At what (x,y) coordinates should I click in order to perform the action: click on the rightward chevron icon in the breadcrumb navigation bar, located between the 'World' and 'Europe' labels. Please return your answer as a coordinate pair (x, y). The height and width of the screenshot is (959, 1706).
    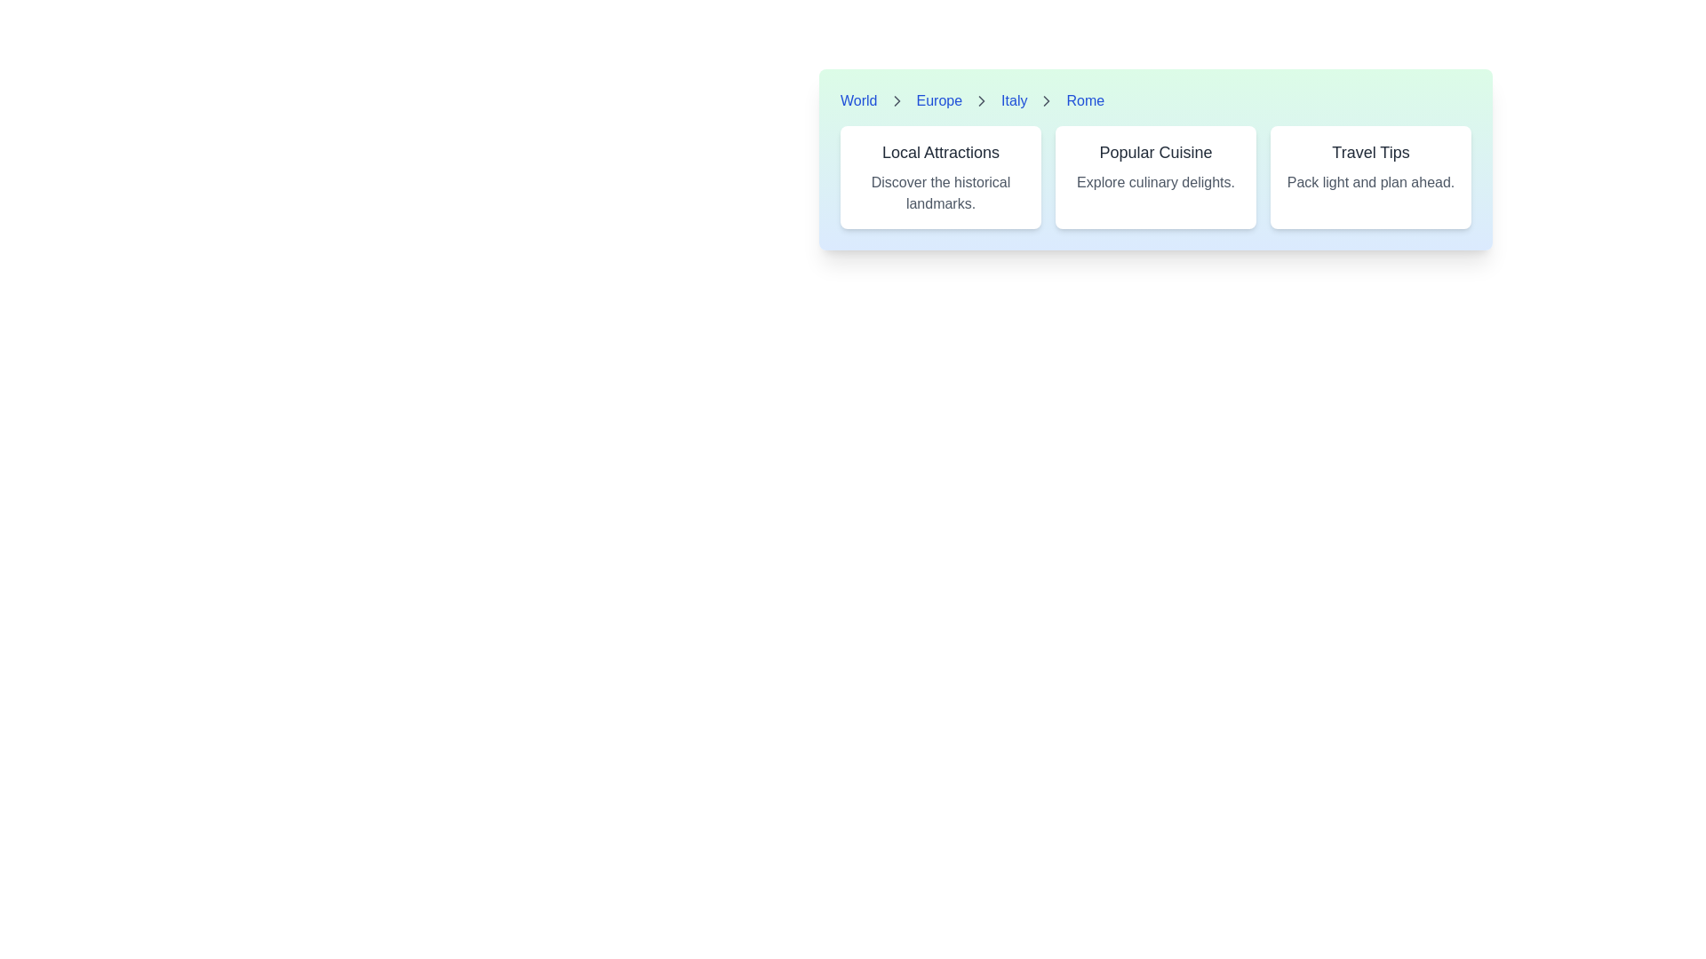
    Looking at the image, I should click on (897, 101).